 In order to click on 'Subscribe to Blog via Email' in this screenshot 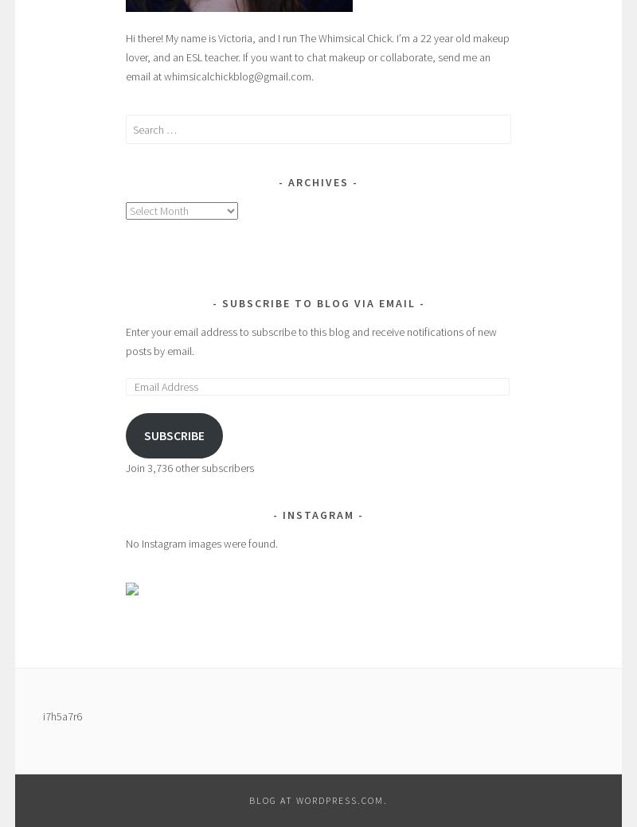, I will do `click(317, 302)`.